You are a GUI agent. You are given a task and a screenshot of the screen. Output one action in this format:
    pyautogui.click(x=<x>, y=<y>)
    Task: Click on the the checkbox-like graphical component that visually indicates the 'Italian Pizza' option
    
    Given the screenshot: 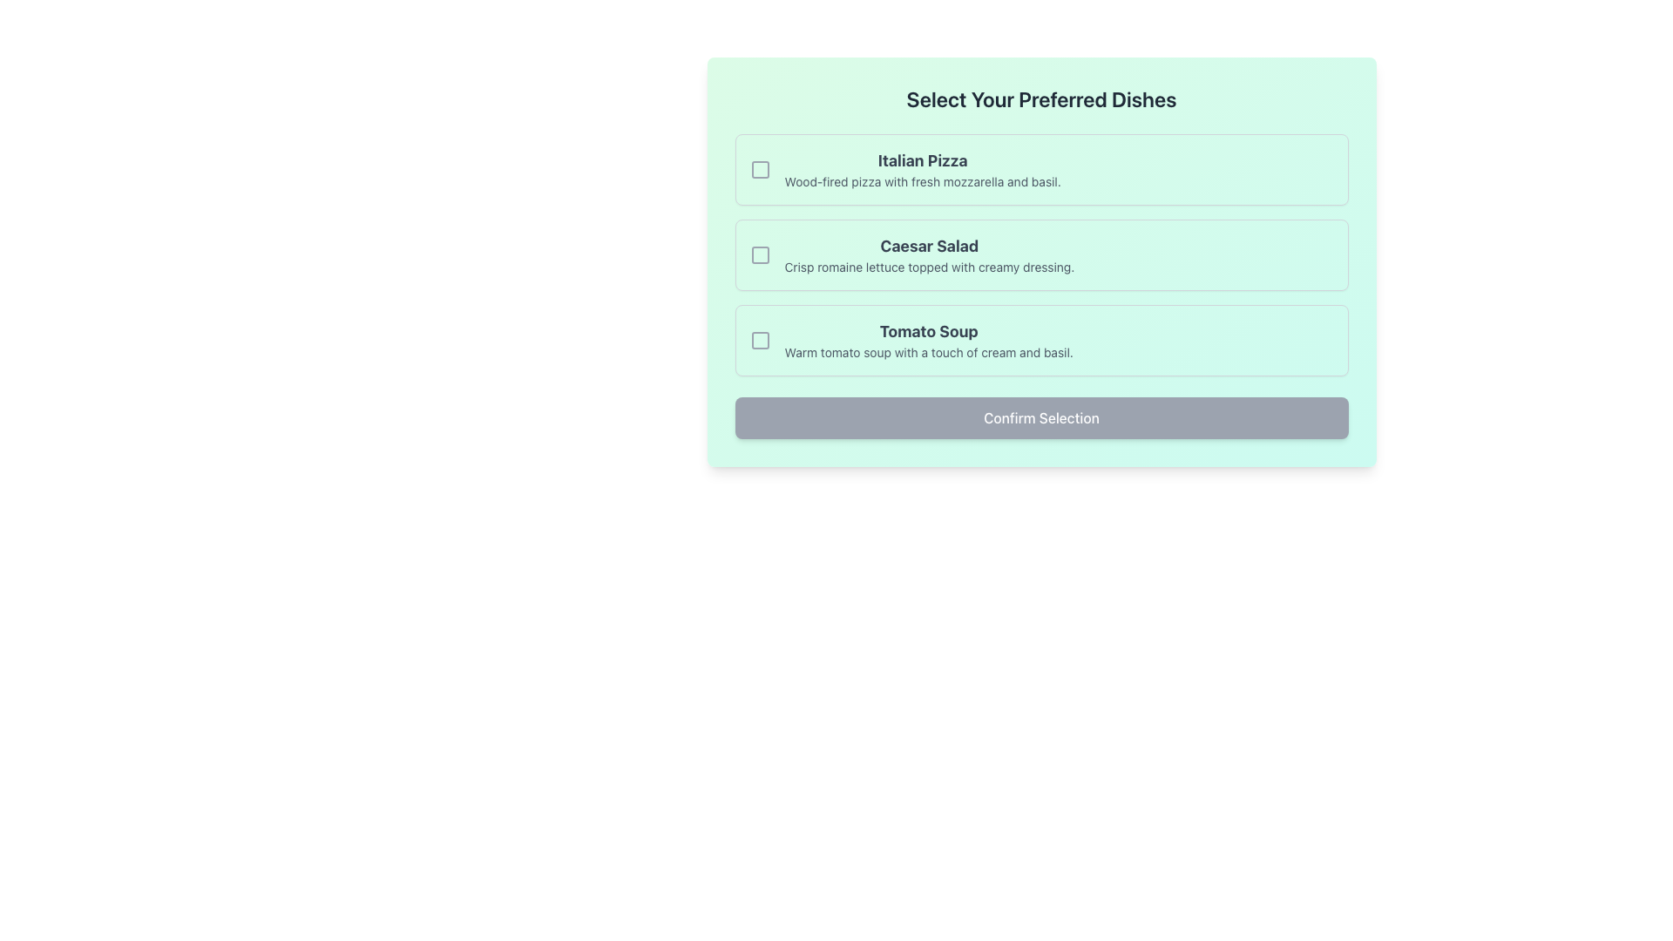 What is the action you would take?
    pyautogui.click(x=760, y=170)
    